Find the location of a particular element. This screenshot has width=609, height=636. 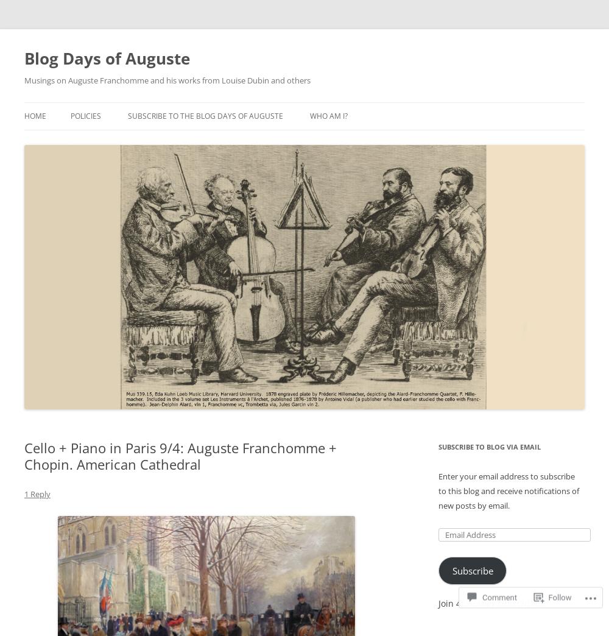

'Policies' is located at coordinates (70, 115).